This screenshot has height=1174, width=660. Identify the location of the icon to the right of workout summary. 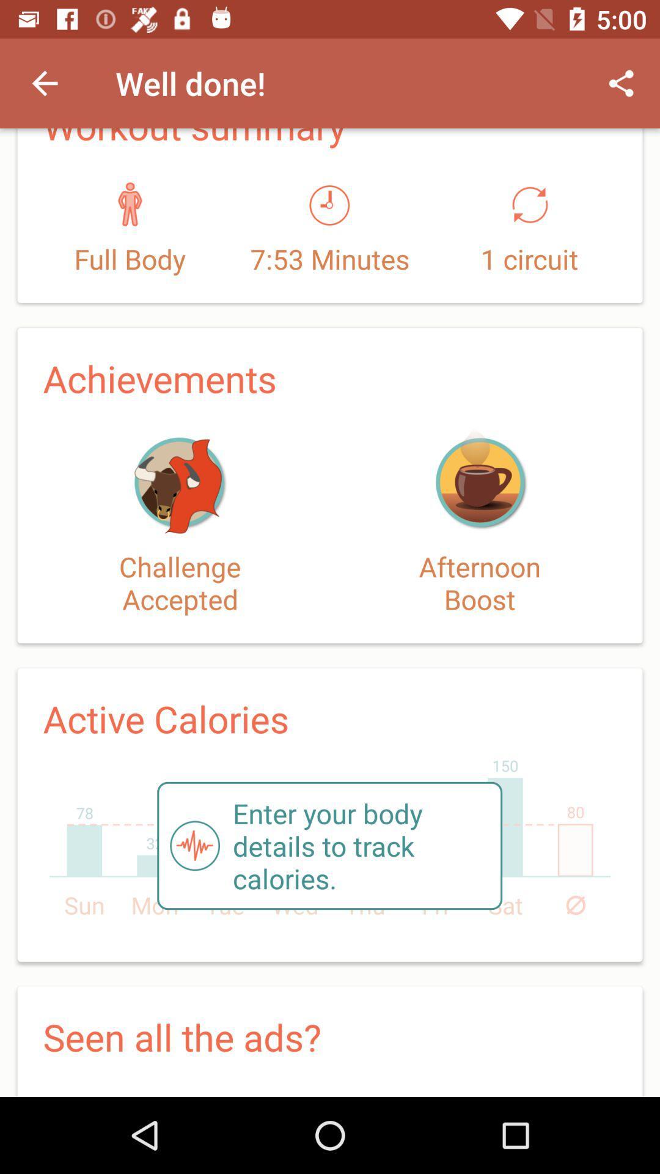
(621, 83).